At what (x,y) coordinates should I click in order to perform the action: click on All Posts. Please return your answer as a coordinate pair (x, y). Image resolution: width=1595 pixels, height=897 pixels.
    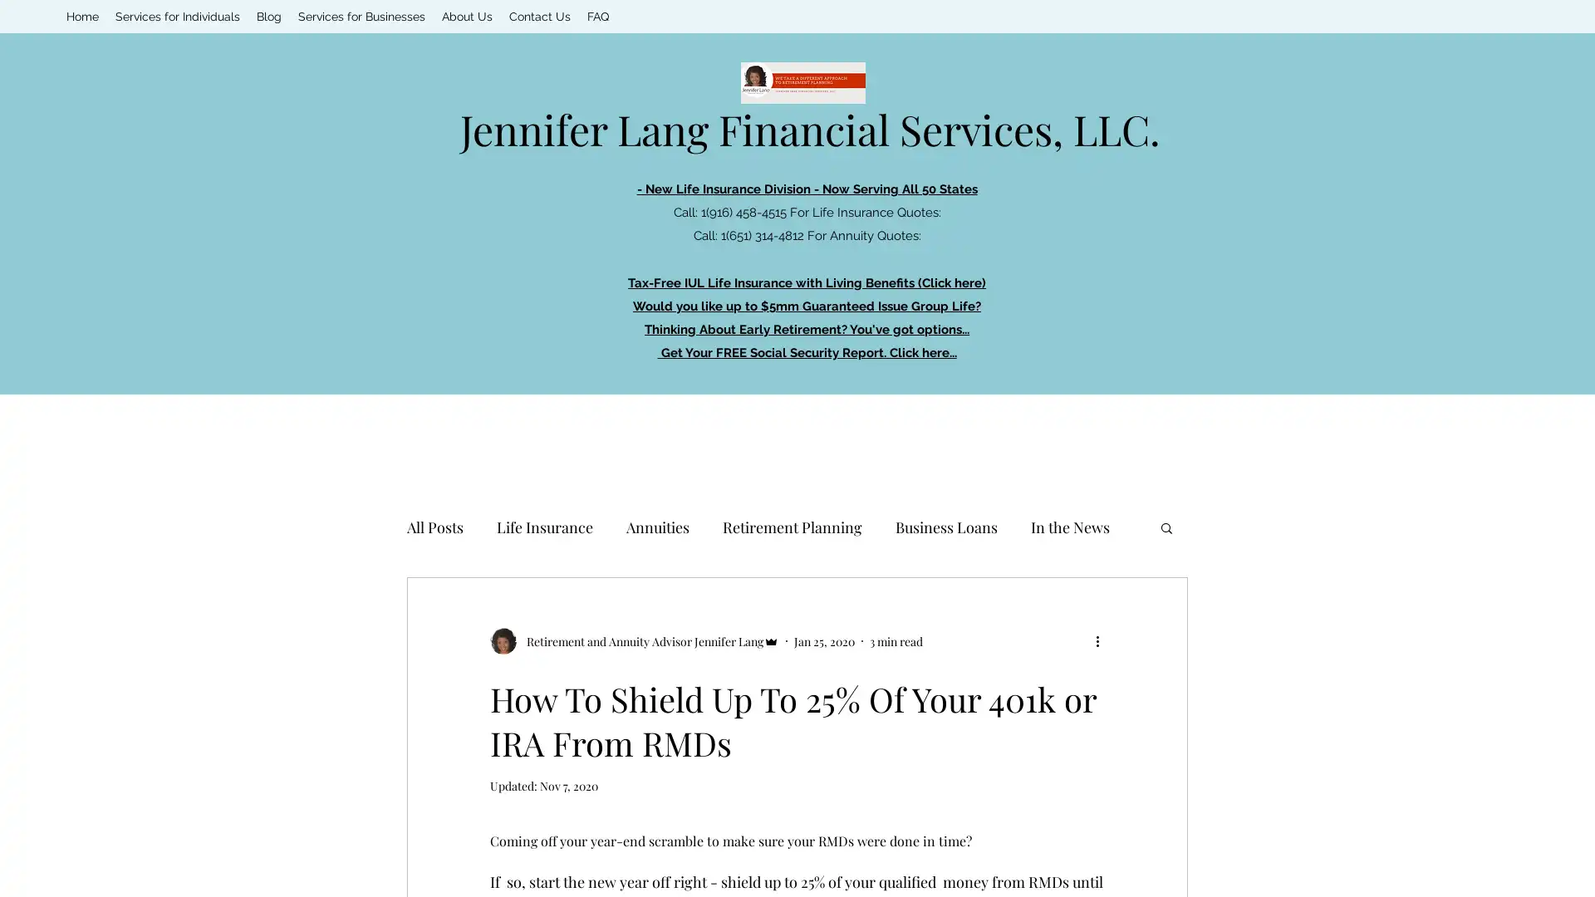
    Looking at the image, I should click on (434, 527).